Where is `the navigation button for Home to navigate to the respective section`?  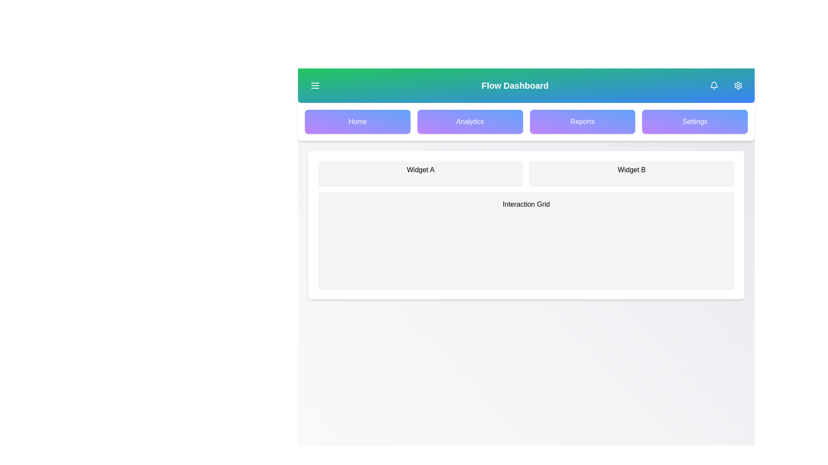
the navigation button for Home to navigate to the respective section is located at coordinates (358, 121).